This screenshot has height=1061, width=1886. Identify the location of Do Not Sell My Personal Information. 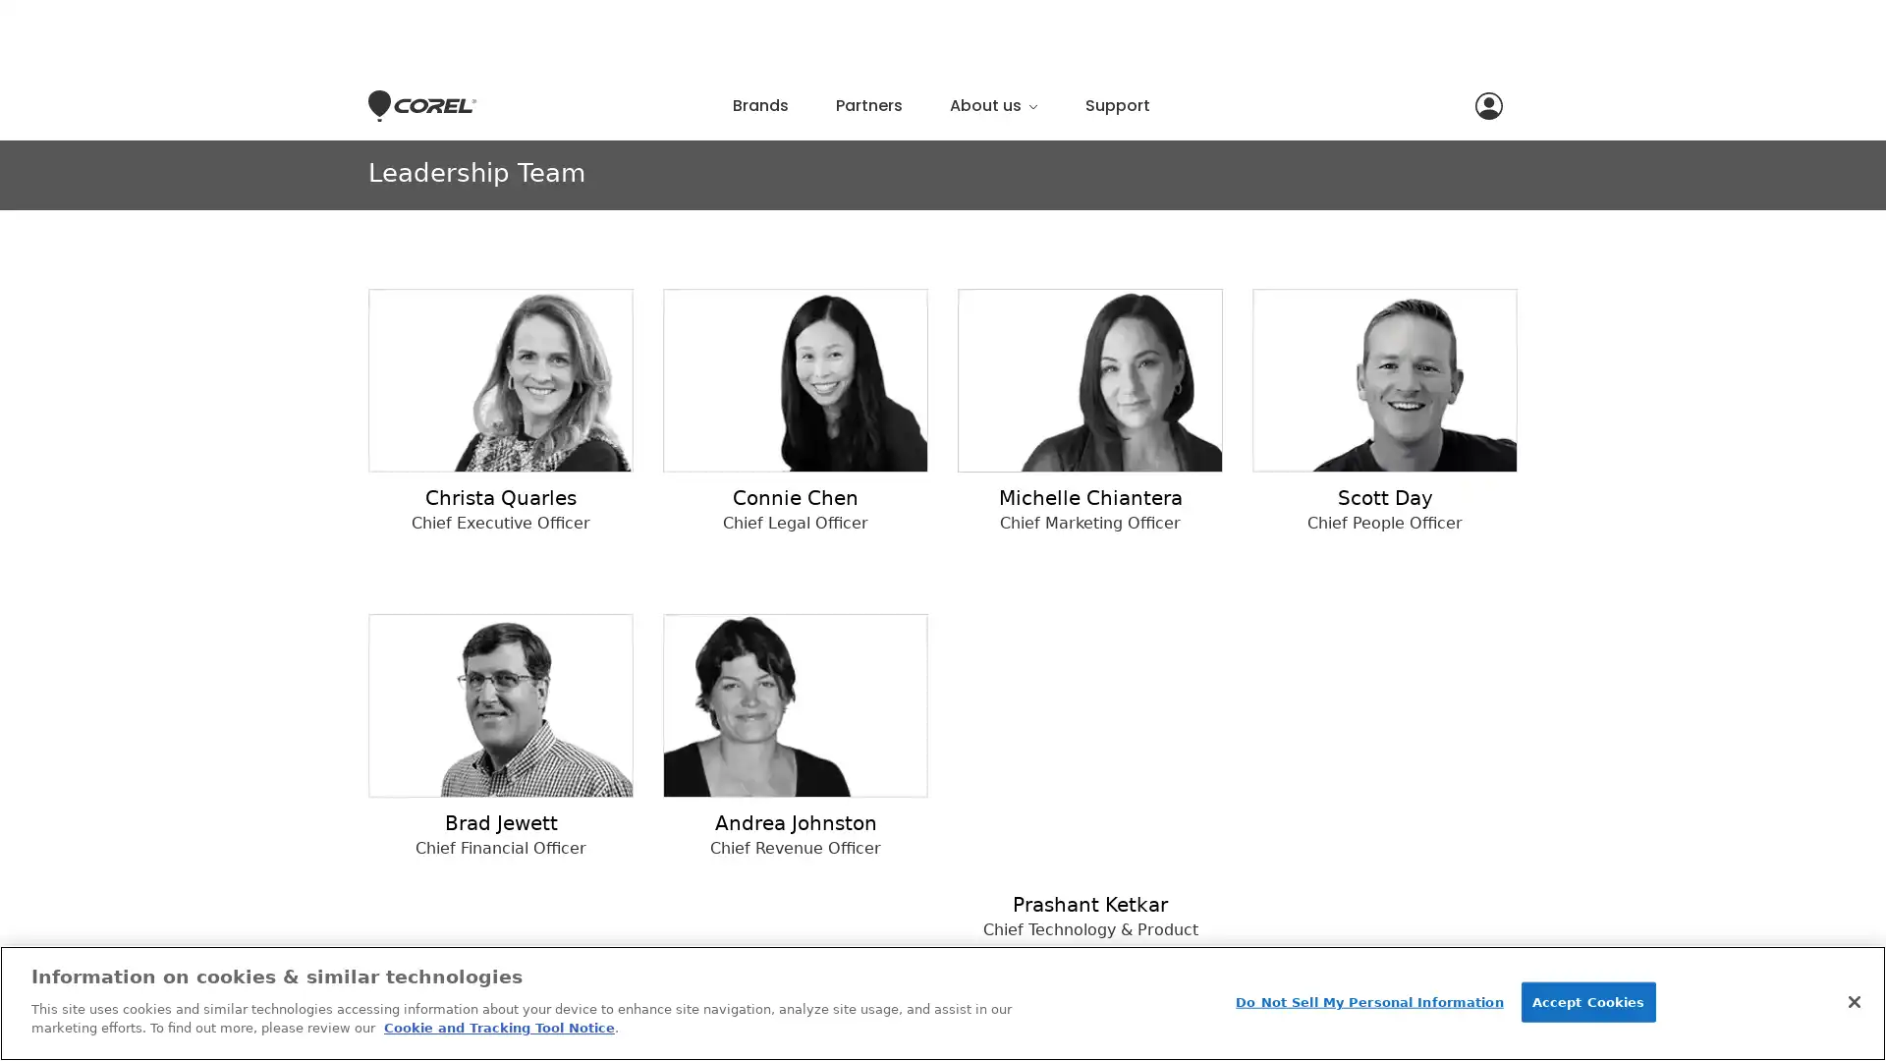
(1367, 1001).